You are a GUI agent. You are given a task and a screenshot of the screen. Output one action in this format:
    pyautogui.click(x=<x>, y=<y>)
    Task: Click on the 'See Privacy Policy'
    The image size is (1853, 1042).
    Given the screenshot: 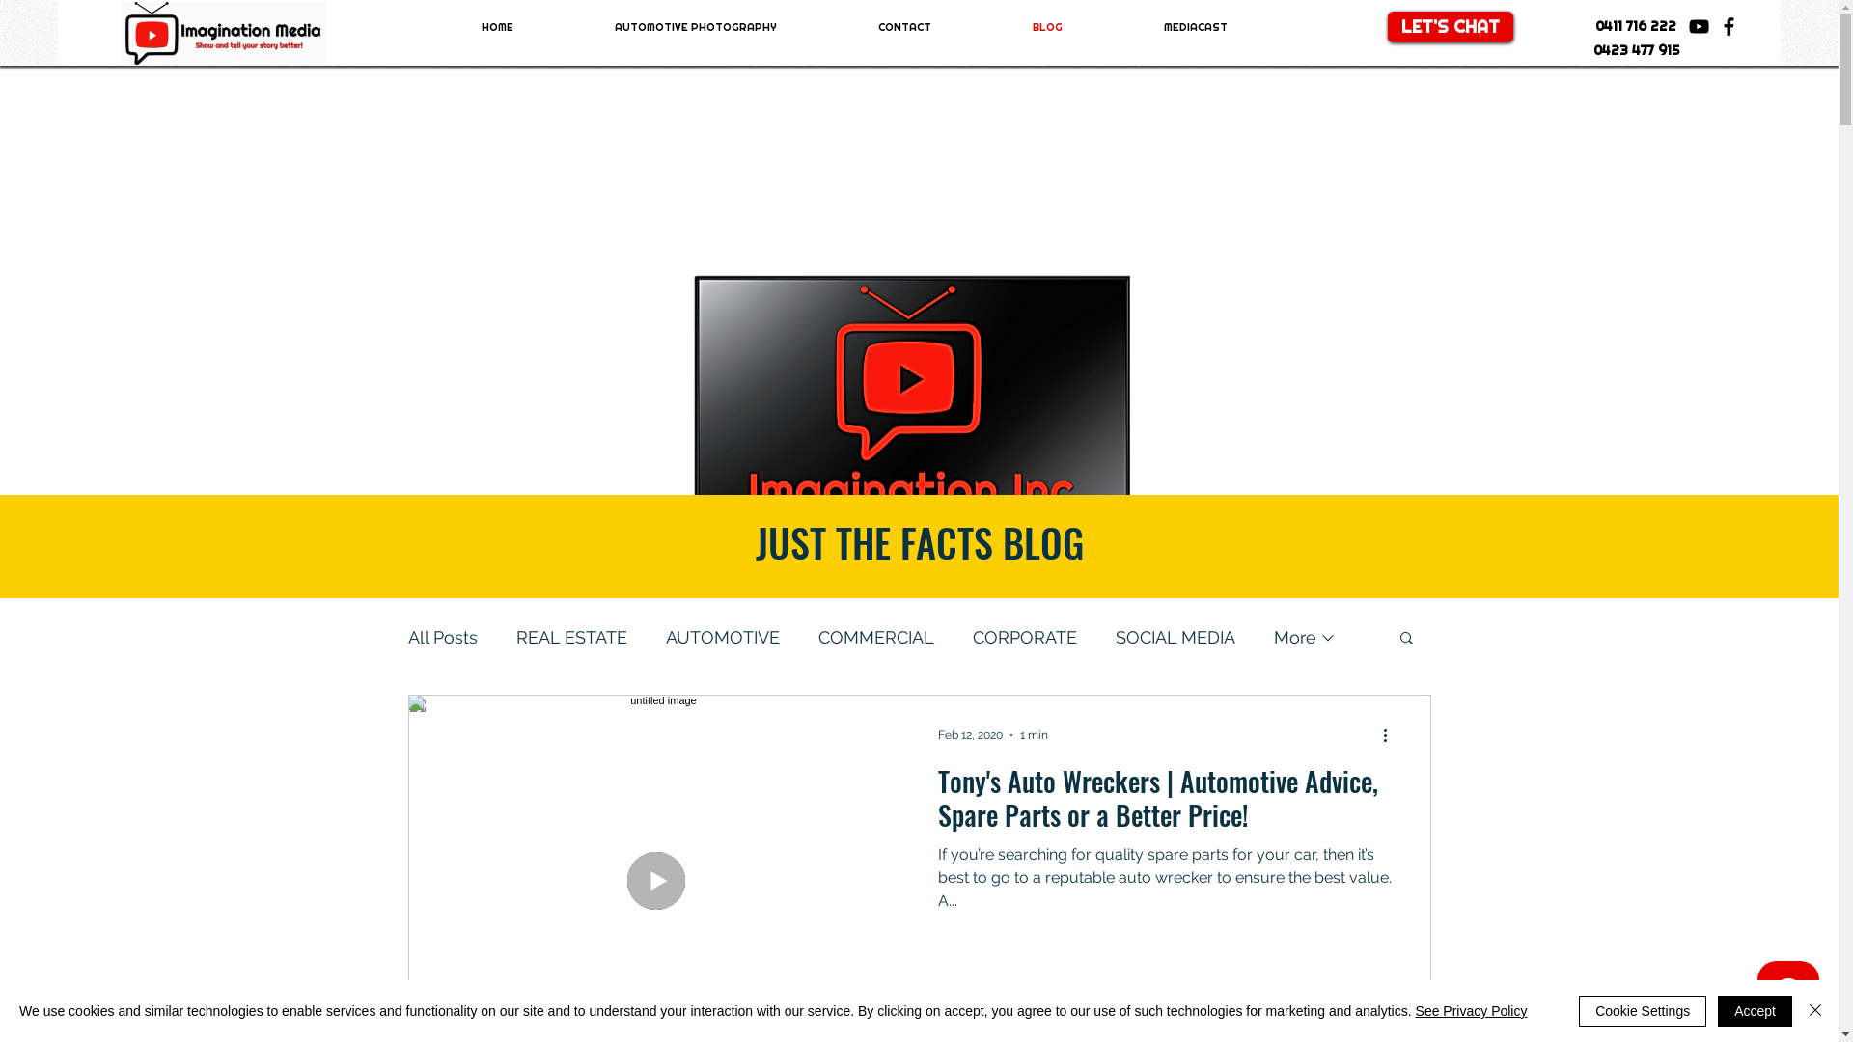 What is the action you would take?
    pyautogui.click(x=1471, y=1010)
    